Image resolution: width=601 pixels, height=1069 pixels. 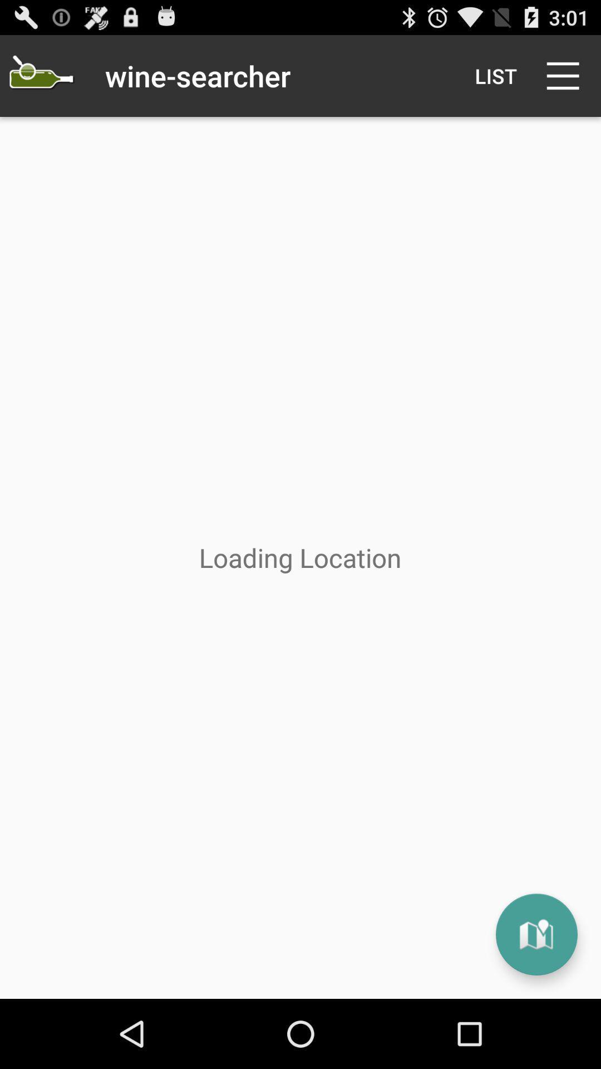 I want to click on item at the bottom right corner, so click(x=536, y=934).